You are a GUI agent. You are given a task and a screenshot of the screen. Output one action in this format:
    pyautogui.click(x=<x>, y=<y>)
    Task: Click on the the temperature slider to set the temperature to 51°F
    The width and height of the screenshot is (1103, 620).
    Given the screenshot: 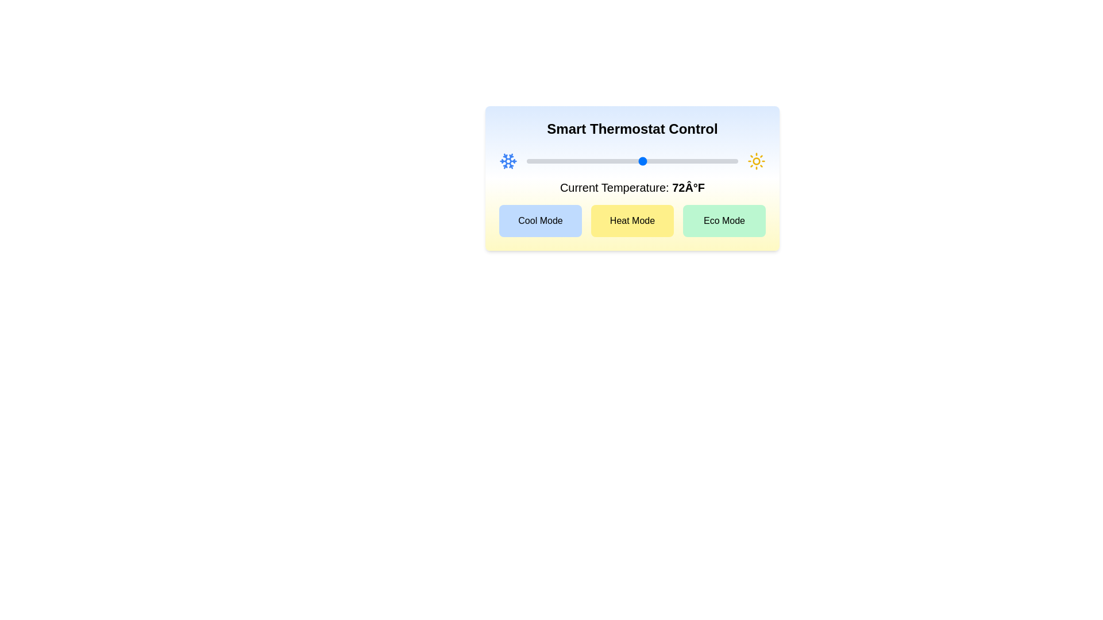 What is the action you would take?
    pyautogui.click(x=531, y=161)
    